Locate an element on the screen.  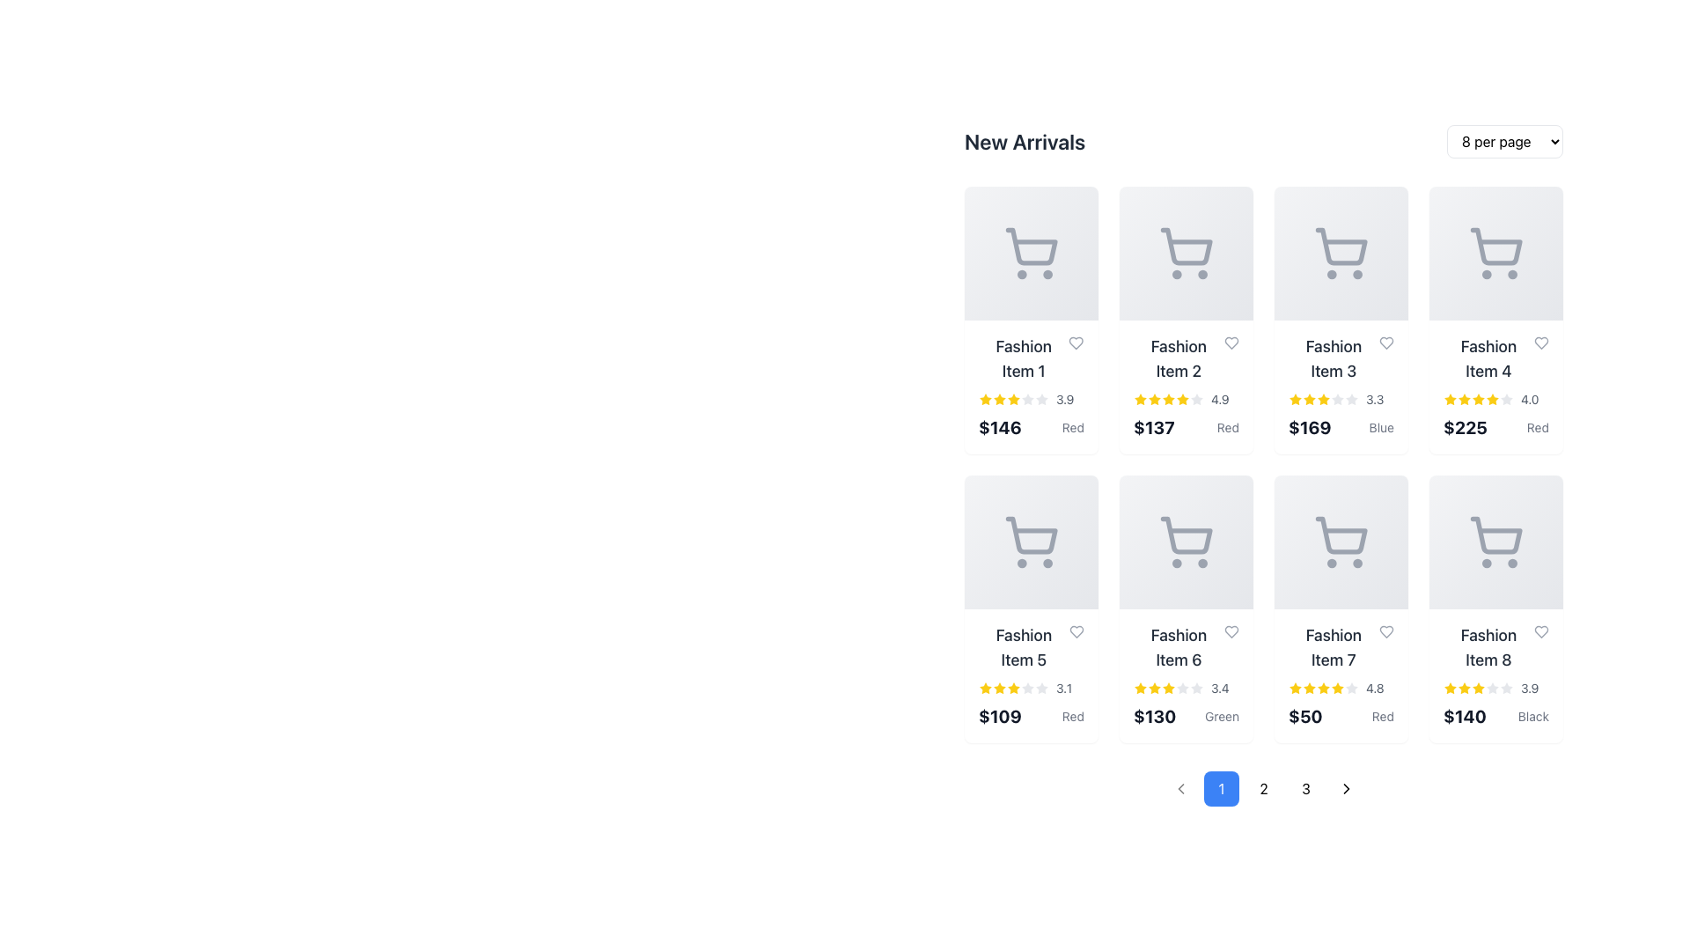
the text label displaying 'Fashion Item 5' in bold, dark-gray font, which is the fifth item in the second row of a rectangular arrangement of items is located at coordinates (1031, 648).